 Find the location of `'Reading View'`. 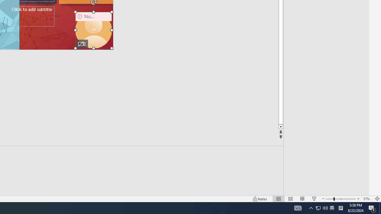

'Reading View' is located at coordinates (302, 199).